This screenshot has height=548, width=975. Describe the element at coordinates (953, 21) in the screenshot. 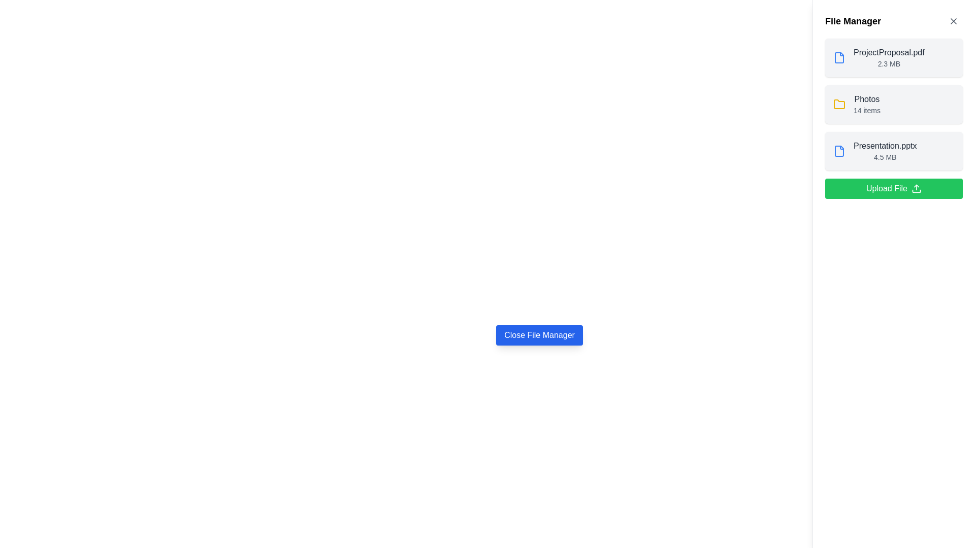

I see `the 'X' icon button in the top-right corner of the 'File Manager' panel` at that location.